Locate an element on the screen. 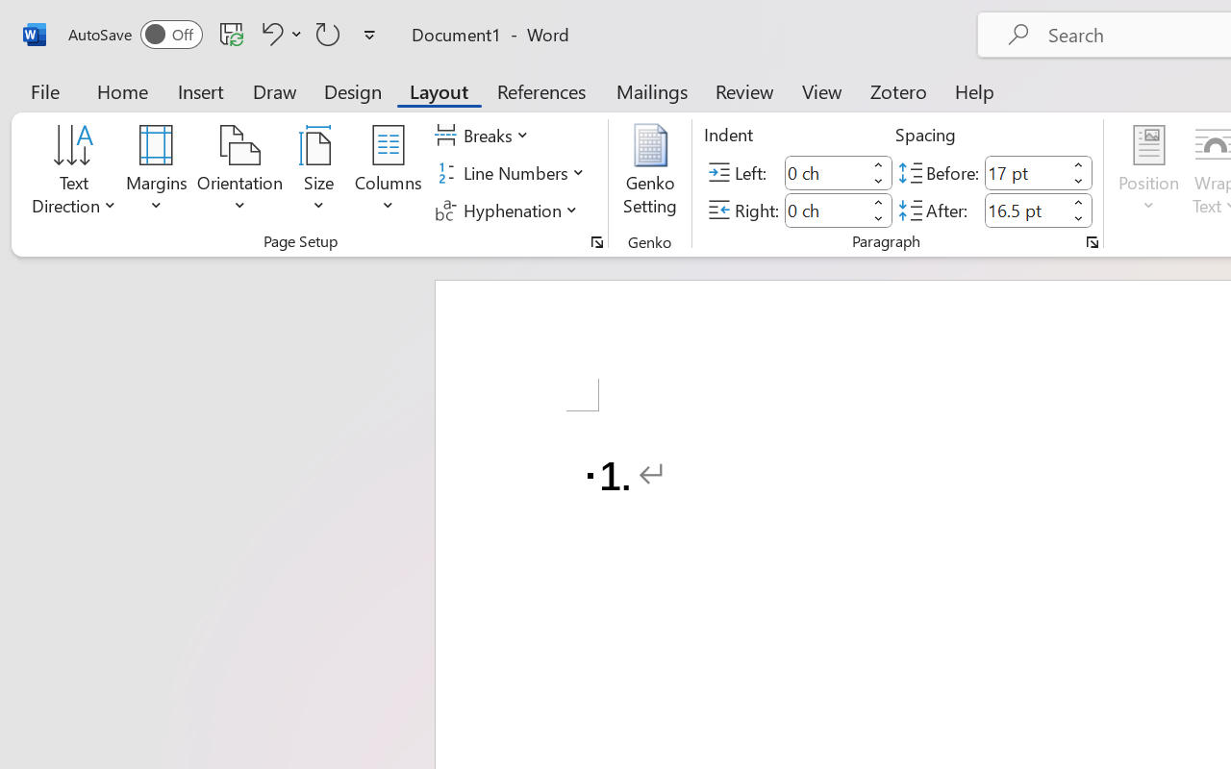 The width and height of the screenshot is (1231, 769). 'Columns' is located at coordinates (388, 172).